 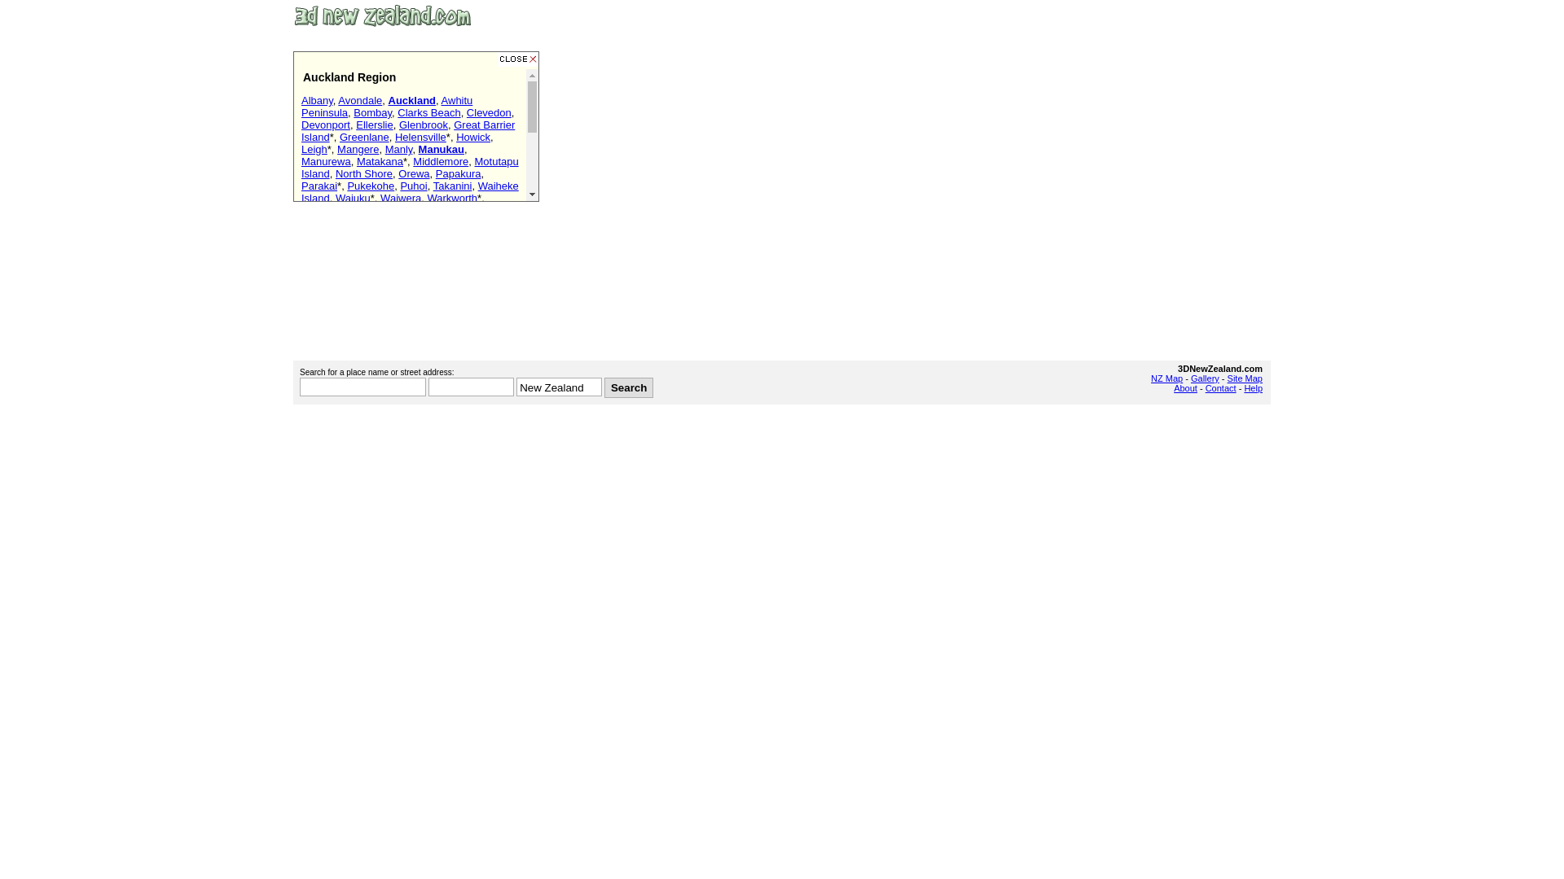 What do you see at coordinates (414, 173) in the screenshot?
I see `'Orewa'` at bounding box center [414, 173].